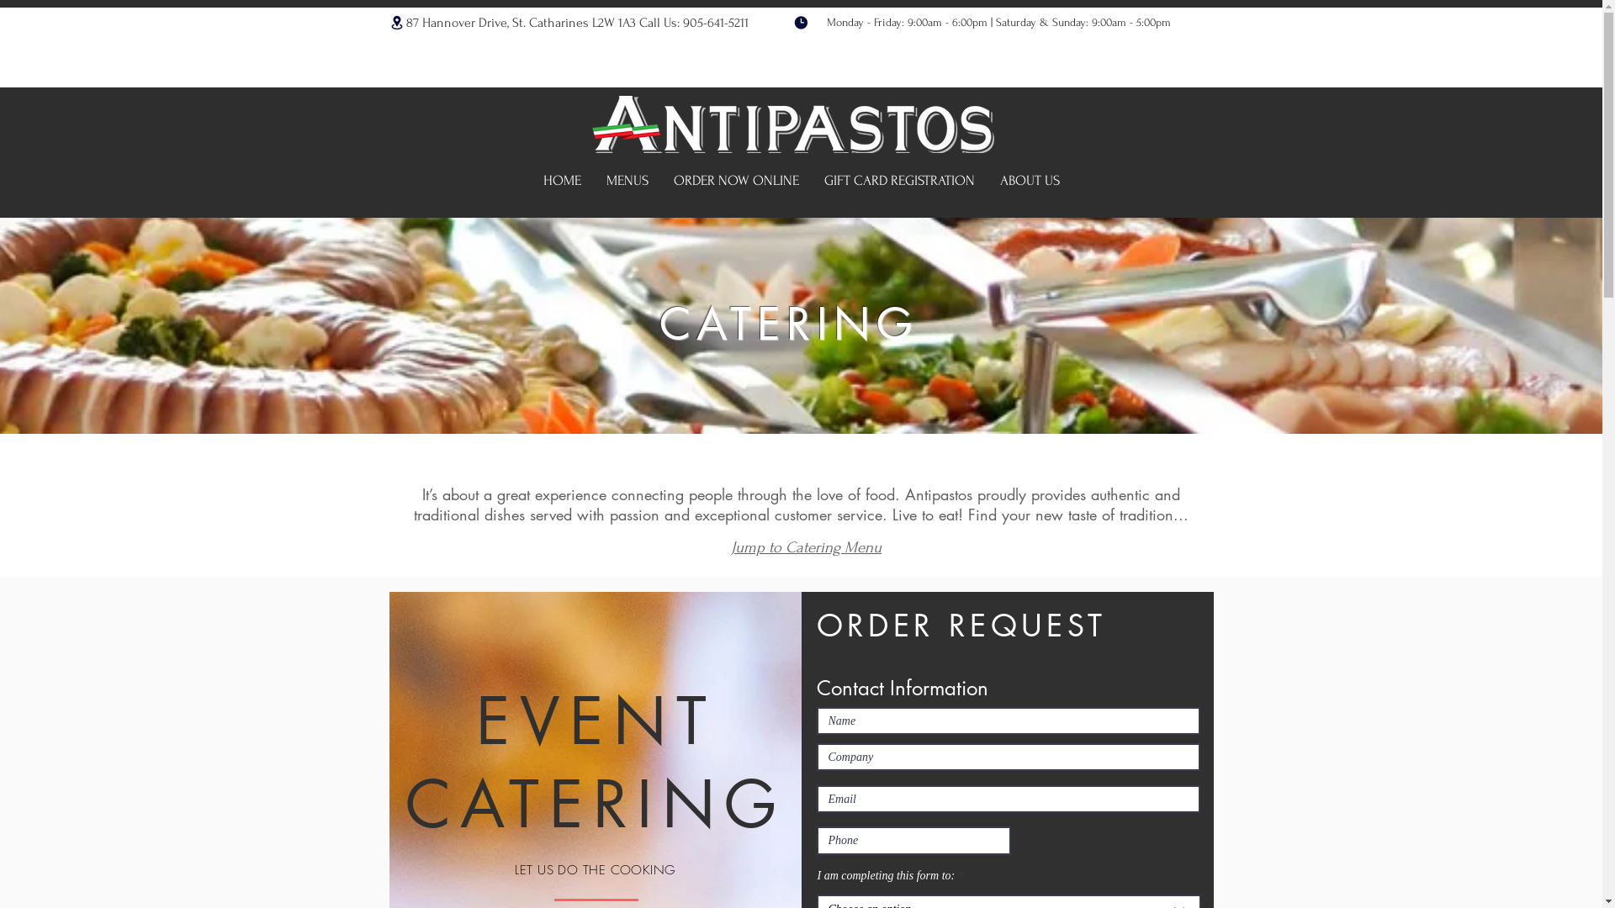 The image size is (1615, 908). Describe the element at coordinates (898, 181) in the screenshot. I see `'GIFT CARD REGISTRATION'` at that location.